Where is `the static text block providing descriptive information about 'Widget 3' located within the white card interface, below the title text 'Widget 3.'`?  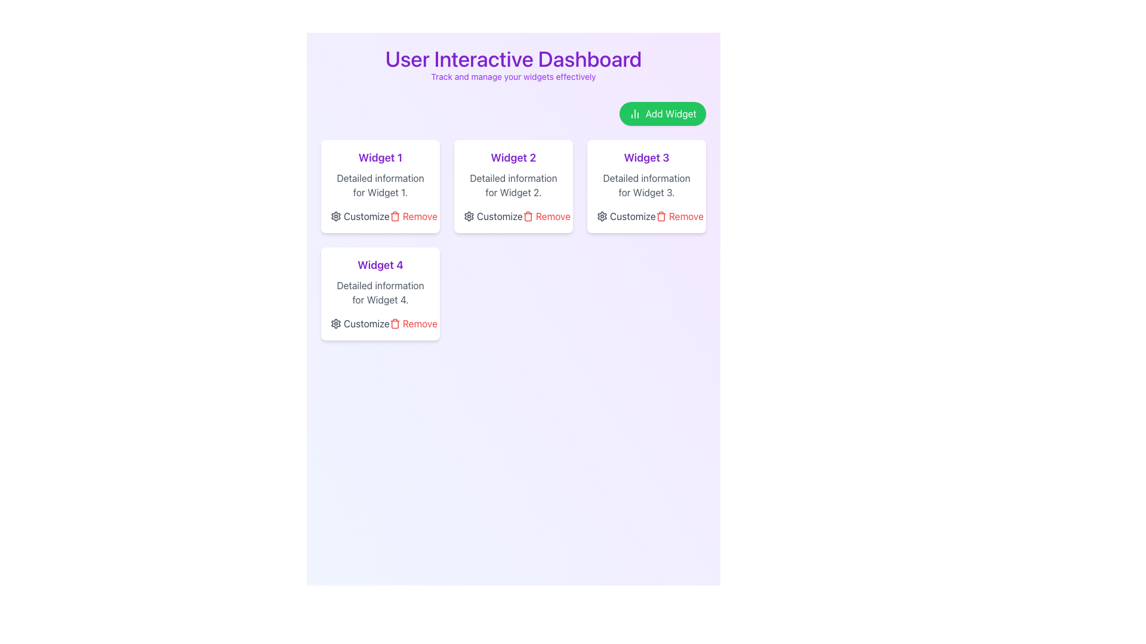
the static text block providing descriptive information about 'Widget 3' located within the white card interface, below the title text 'Widget 3.' is located at coordinates (646, 185).